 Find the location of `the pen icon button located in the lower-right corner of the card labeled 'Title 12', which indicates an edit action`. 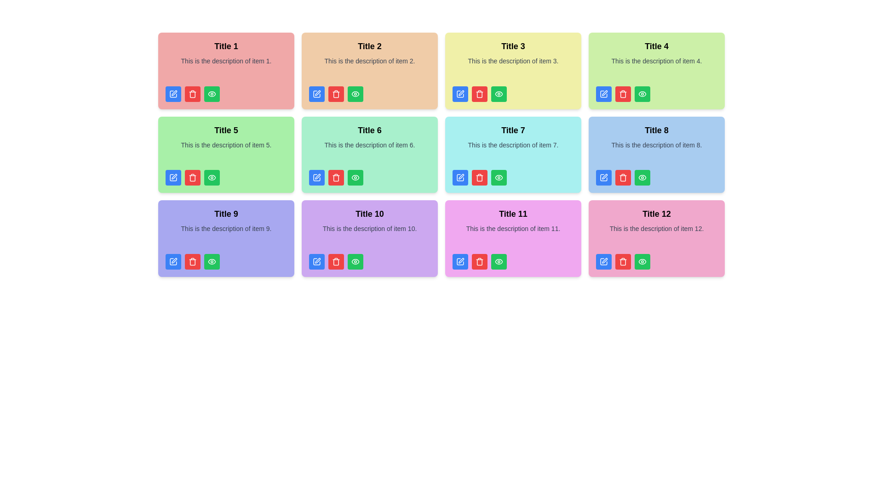

the pen icon button located in the lower-right corner of the card labeled 'Title 12', which indicates an edit action is located at coordinates (605, 260).